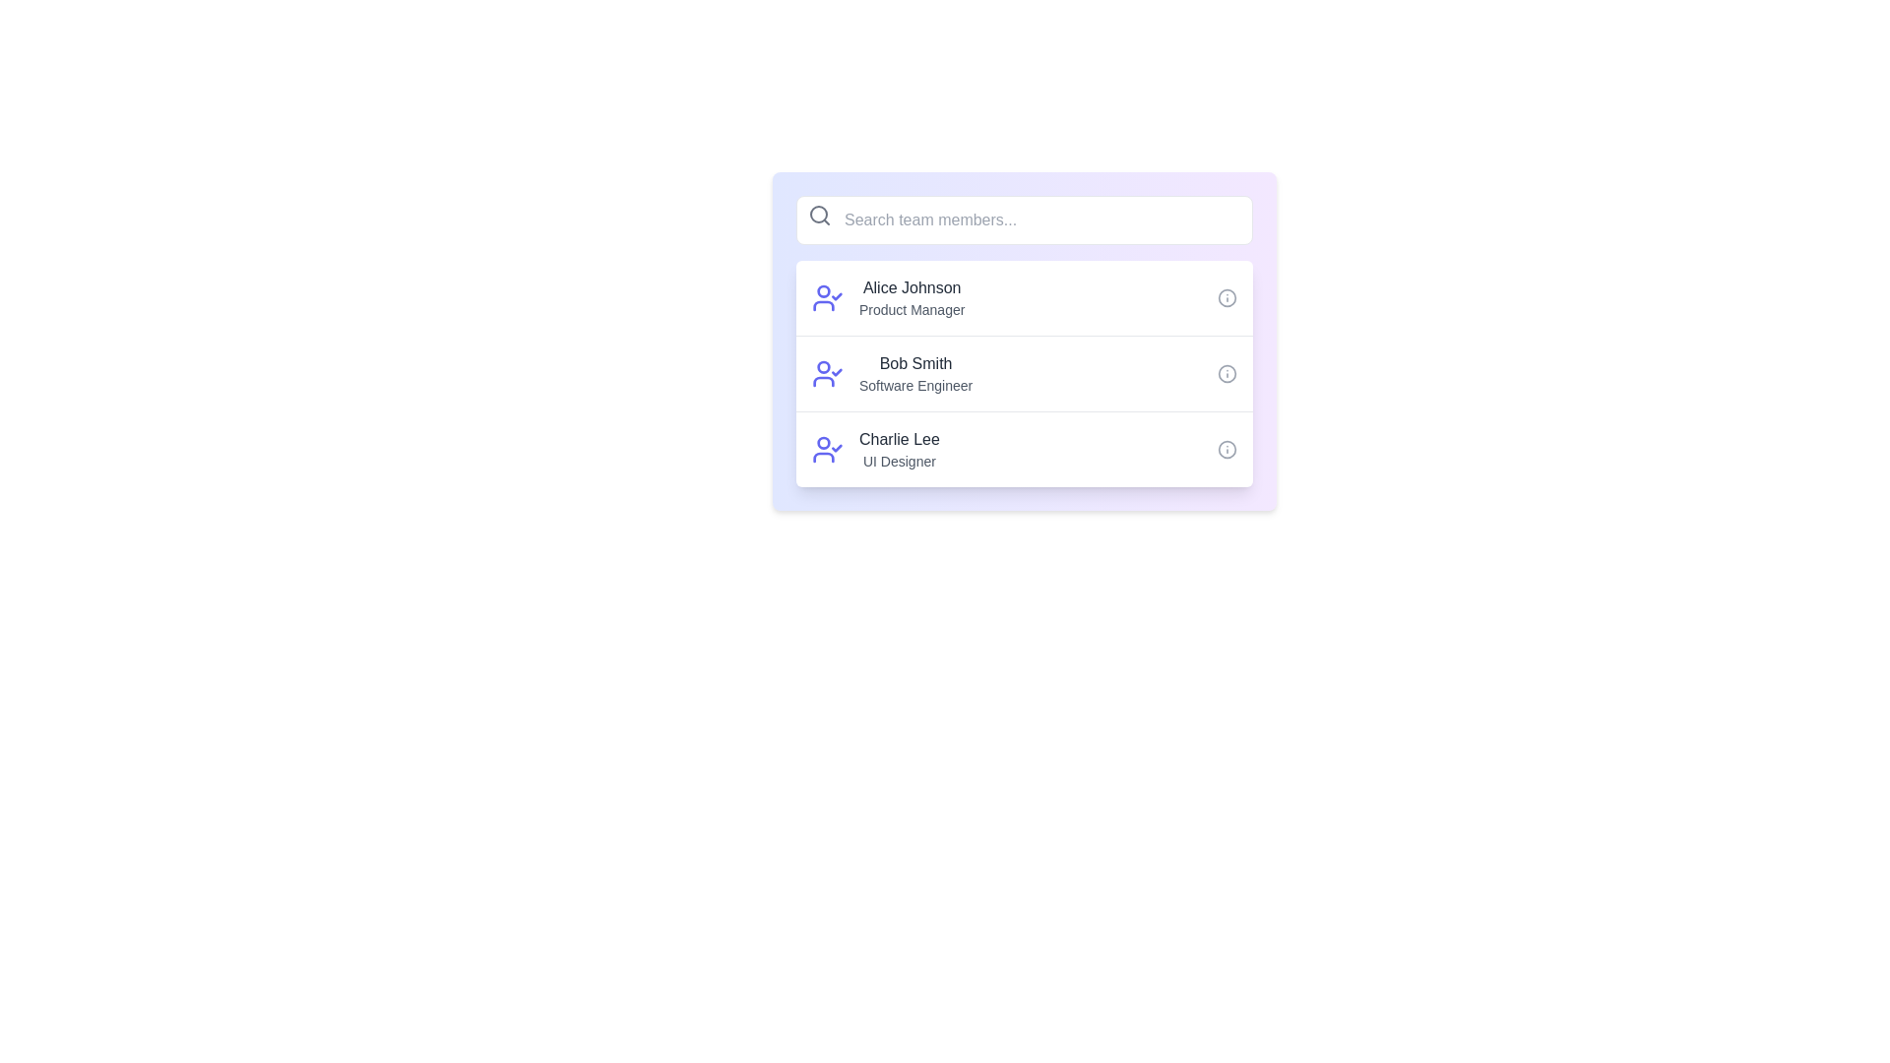 This screenshot has height=1063, width=1890. What do you see at coordinates (891, 374) in the screenshot?
I see `the list item representing Bob Smith, which includes his name and job title` at bounding box center [891, 374].